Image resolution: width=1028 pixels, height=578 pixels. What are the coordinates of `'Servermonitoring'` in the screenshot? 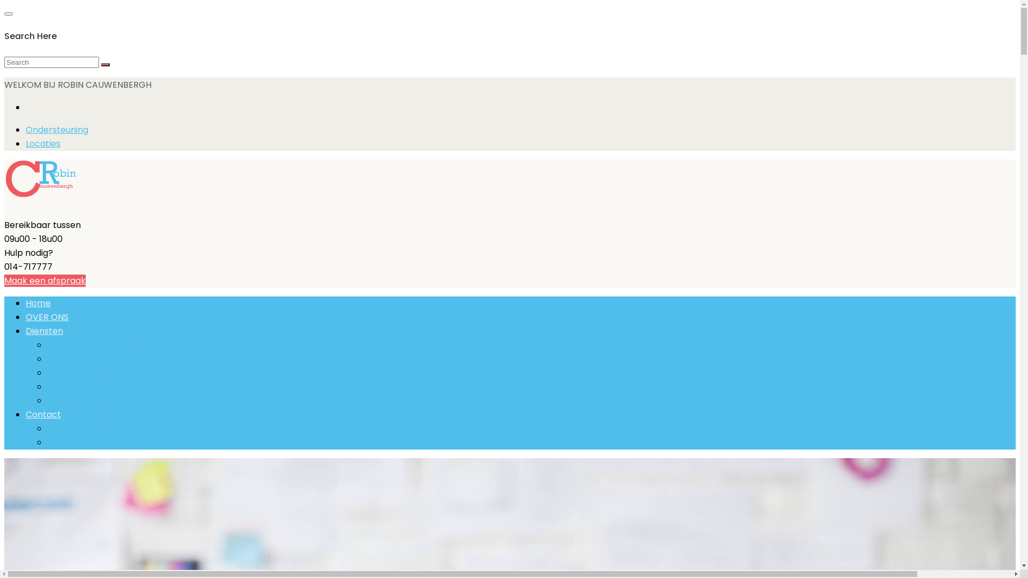 It's located at (84, 359).